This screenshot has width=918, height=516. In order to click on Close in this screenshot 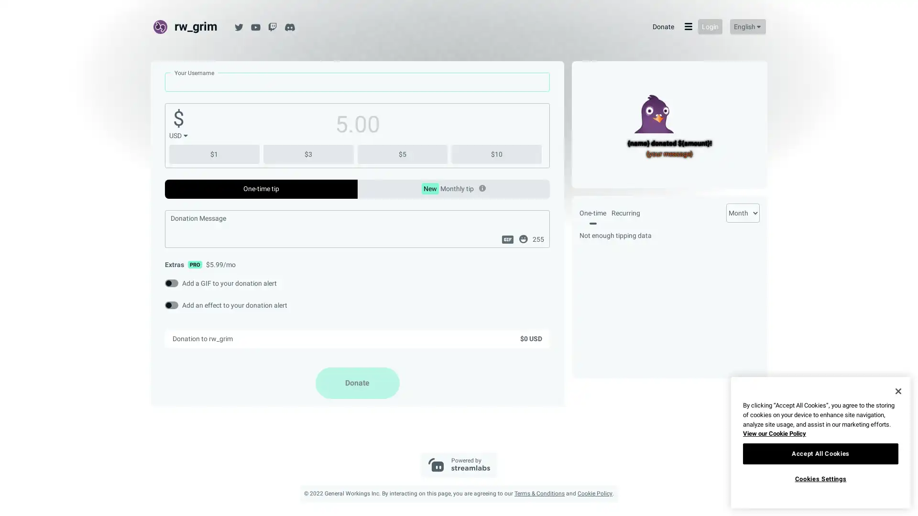, I will do `click(897, 391)`.